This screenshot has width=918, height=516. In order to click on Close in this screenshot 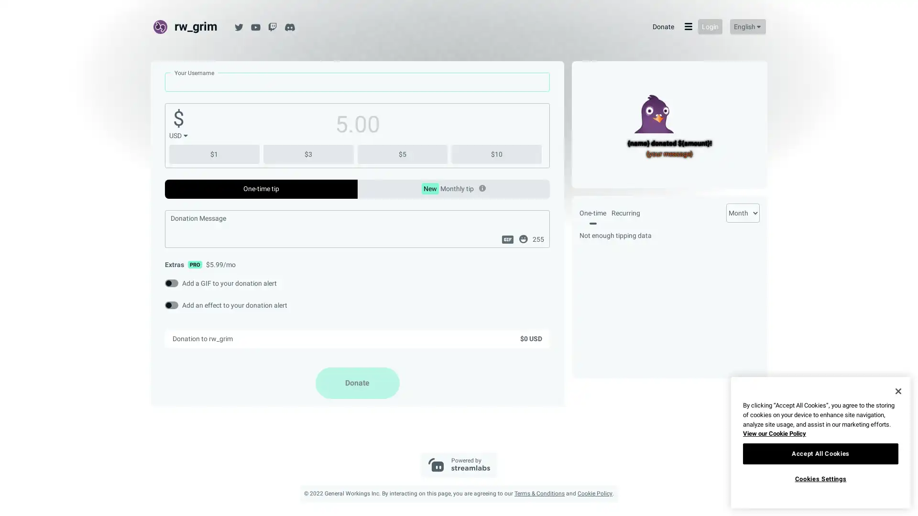, I will do `click(897, 391)`.